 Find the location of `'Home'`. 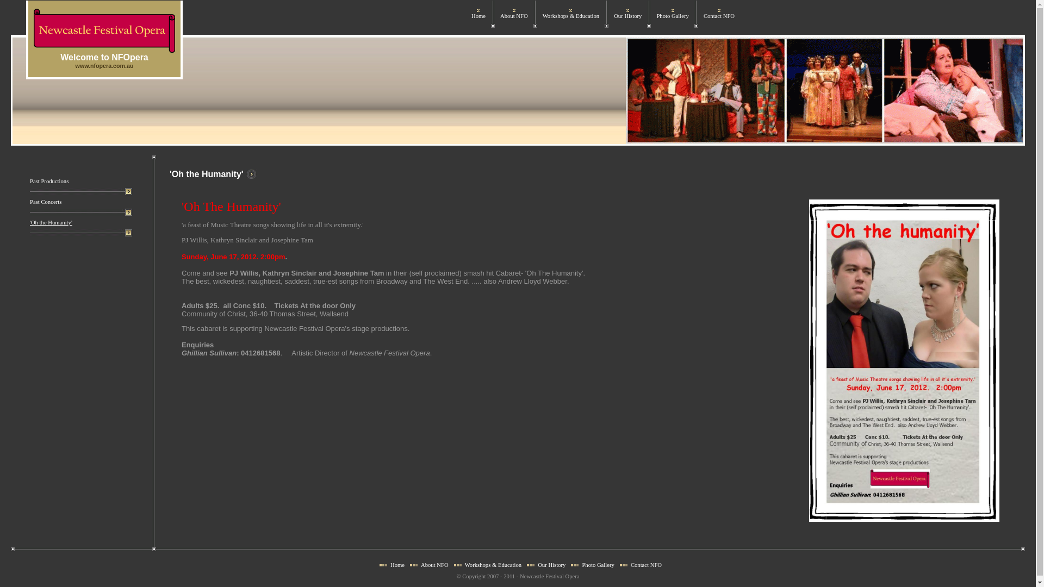

'Home' is located at coordinates (478, 16).